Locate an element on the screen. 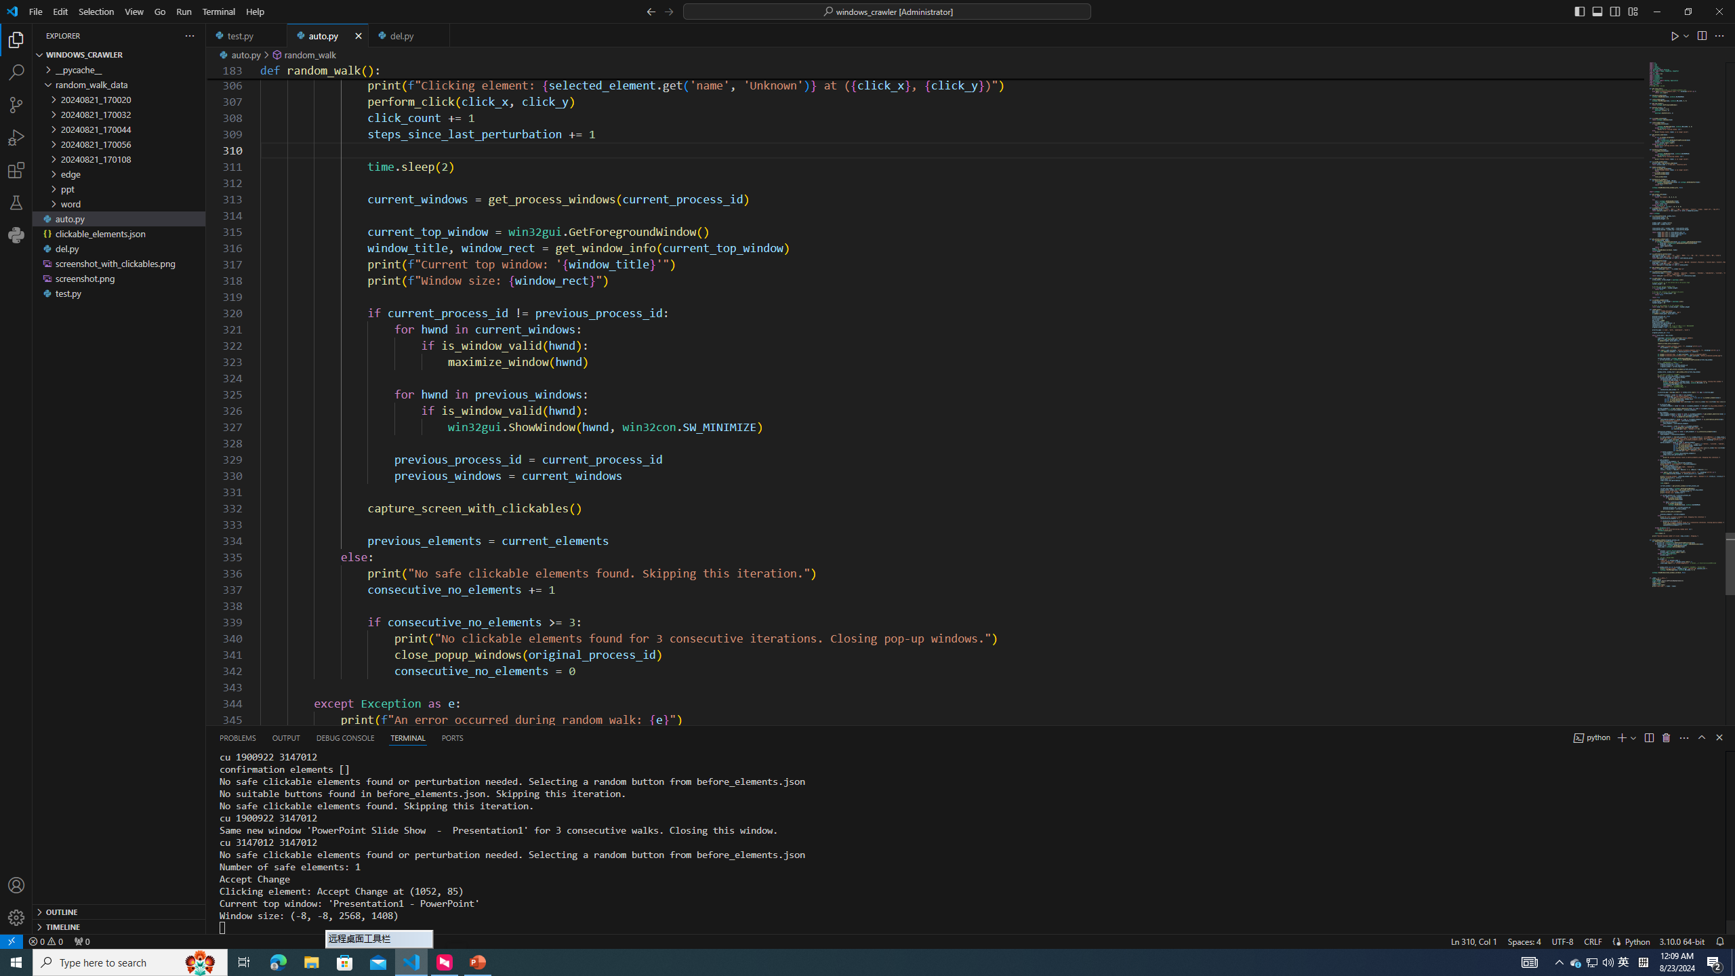  'Spaces: 4' is located at coordinates (1523, 940).